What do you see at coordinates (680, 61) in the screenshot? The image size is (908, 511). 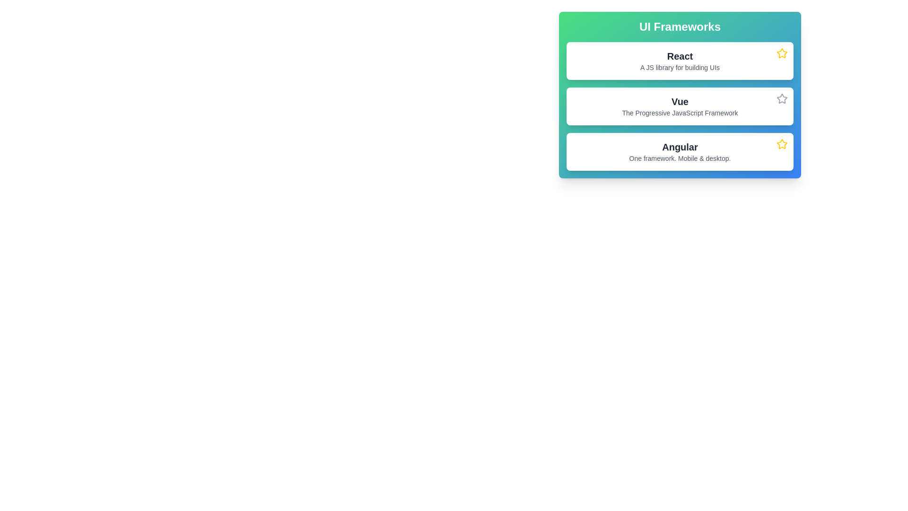 I see `the first card labeled 'React' in the vertically stacked list of UI frameworks` at bounding box center [680, 61].